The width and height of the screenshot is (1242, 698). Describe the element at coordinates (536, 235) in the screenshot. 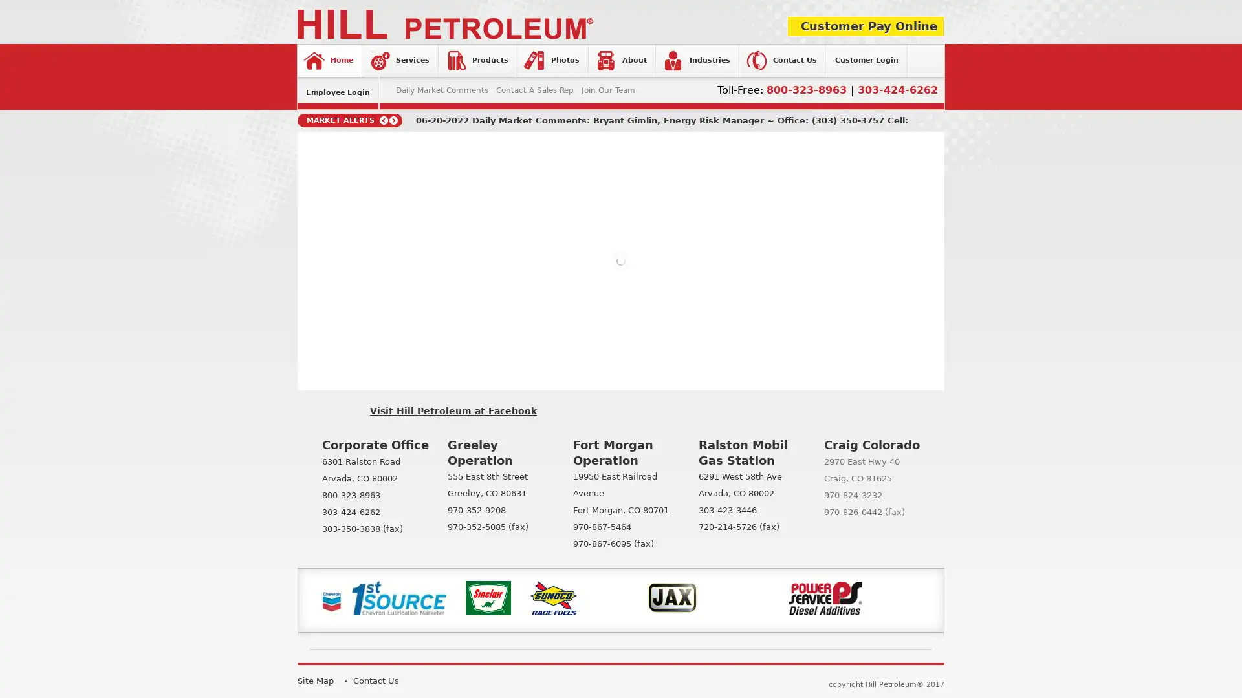

I see `Login` at that location.